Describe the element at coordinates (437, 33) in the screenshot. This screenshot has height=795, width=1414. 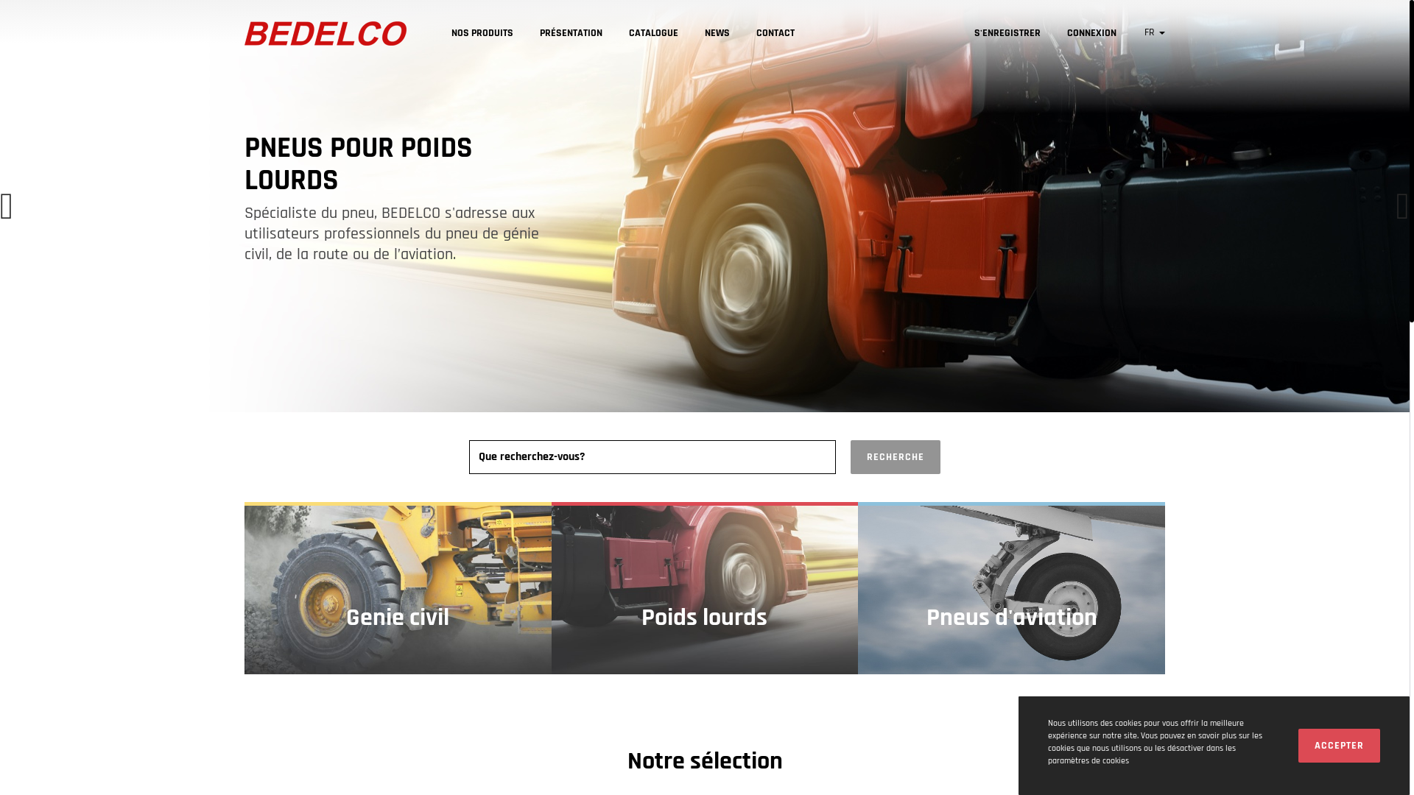
I see `'NOS PRODUITS'` at that location.